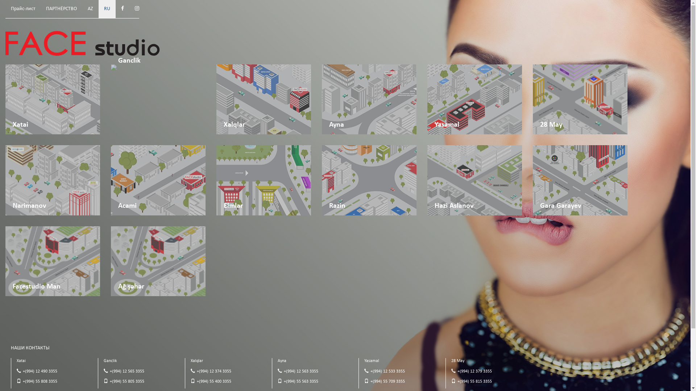  What do you see at coordinates (580, 180) in the screenshot?
I see `'Gara Garayev'` at bounding box center [580, 180].